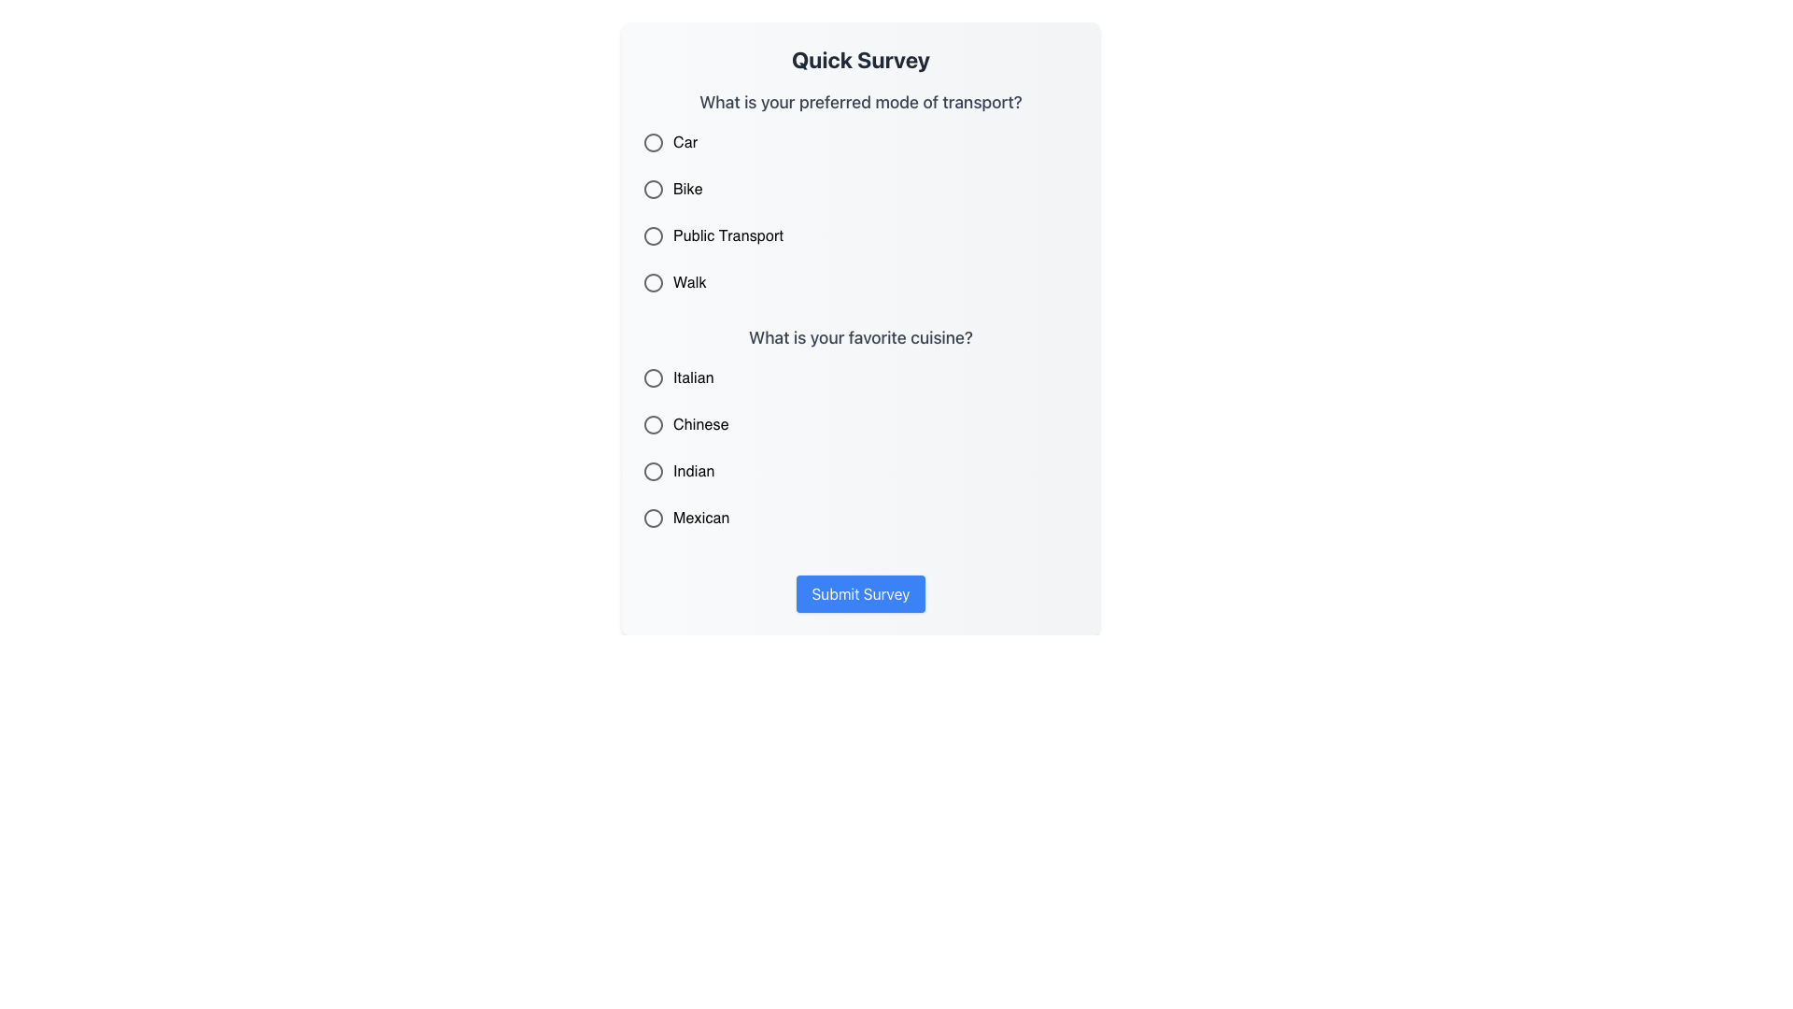  I want to click on the 'Car' radio button in the preferred mode of transport section, so click(654, 142).